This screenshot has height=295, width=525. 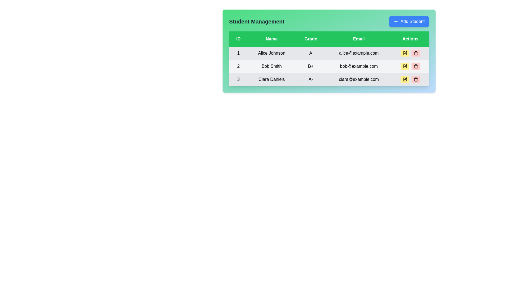 What do you see at coordinates (238, 66) in the screenshot?
I see `the Text label located in the second row under the 'ID' column, which identifies an entry in the tabular data structure, specifically to the left of 'Bob Smith'` at bounding box center [238, 66].